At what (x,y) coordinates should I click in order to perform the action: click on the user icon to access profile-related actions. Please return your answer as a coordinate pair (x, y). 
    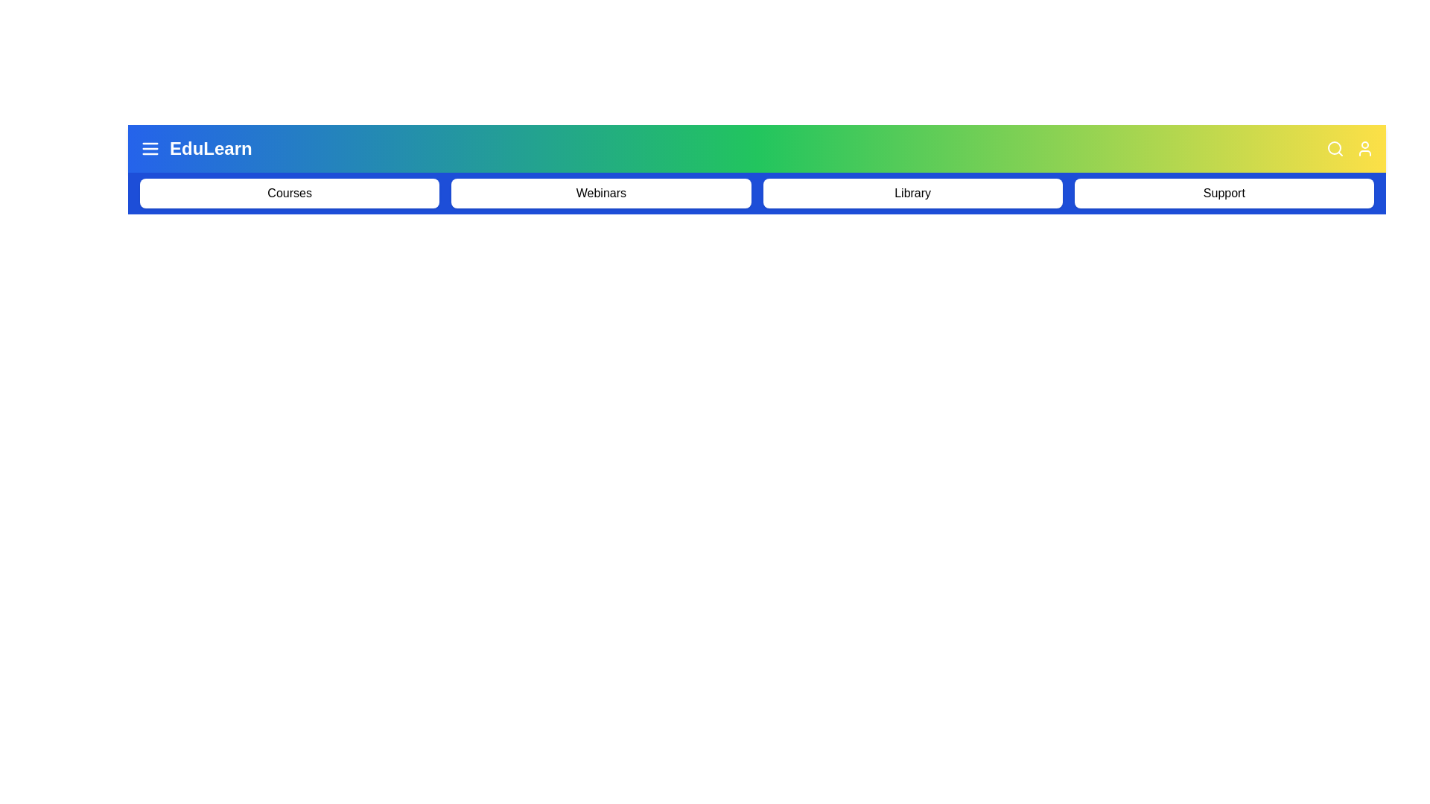
    Looking at the image, I should click on (1365, 149).